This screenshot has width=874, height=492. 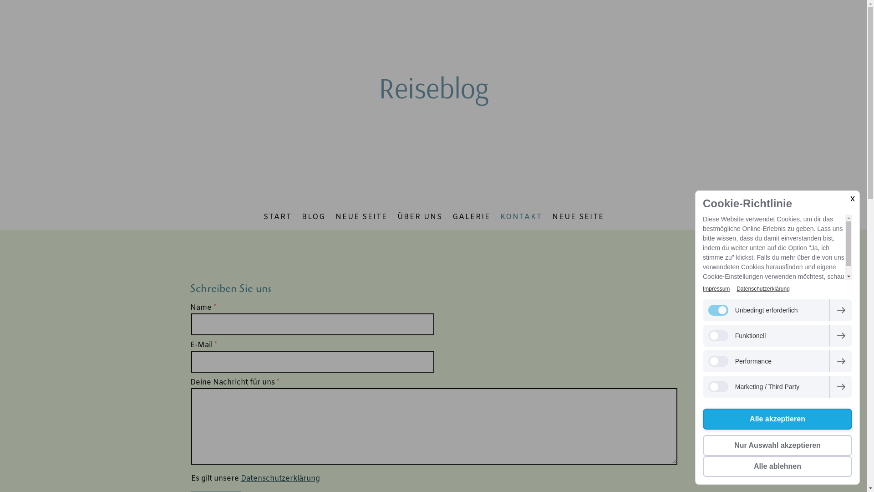 What do you see at coordinates (471, 217) in the screenshot?
I see `'GALERIE'` at bounding box center [471, 217].